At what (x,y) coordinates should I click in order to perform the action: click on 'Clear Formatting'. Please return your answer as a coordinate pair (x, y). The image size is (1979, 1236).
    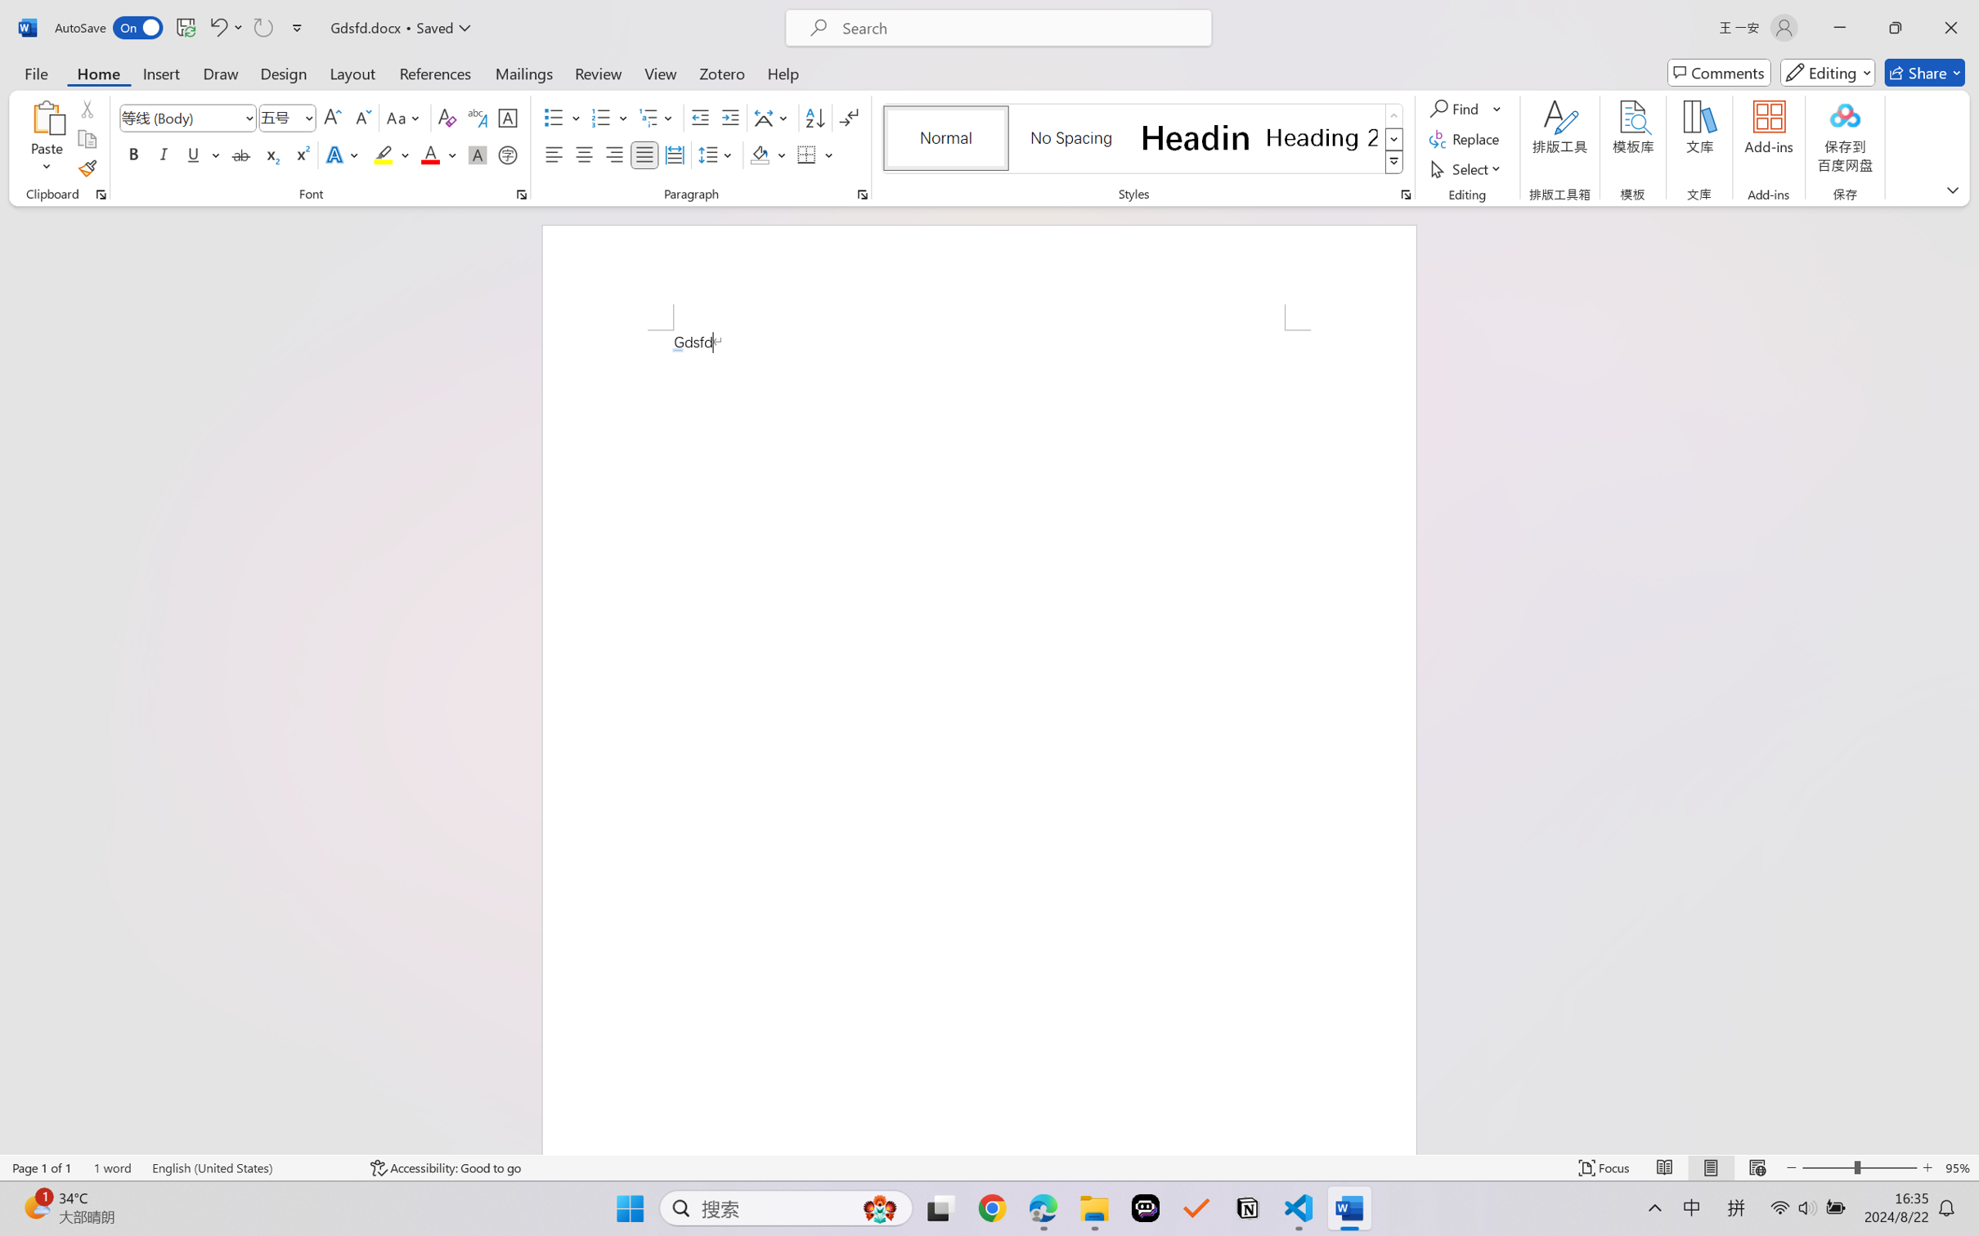
    Looking at the image, I should click on (446, 118).